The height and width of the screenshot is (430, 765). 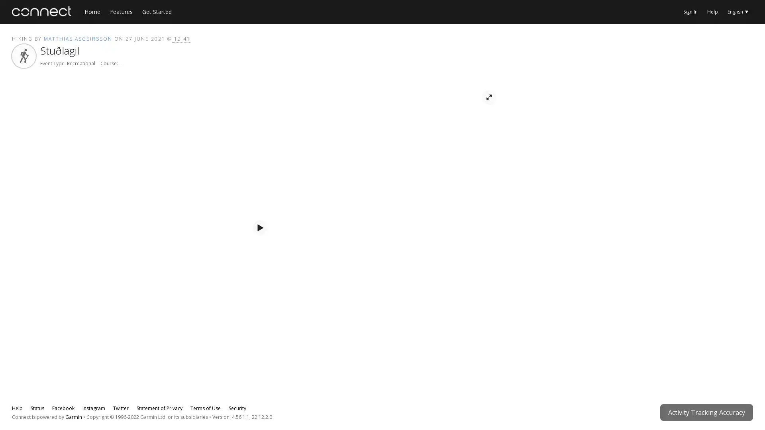 What do you see at coordinates (457, 295) in the screenshot?
I see `Time` at bounding box center [457, 295].